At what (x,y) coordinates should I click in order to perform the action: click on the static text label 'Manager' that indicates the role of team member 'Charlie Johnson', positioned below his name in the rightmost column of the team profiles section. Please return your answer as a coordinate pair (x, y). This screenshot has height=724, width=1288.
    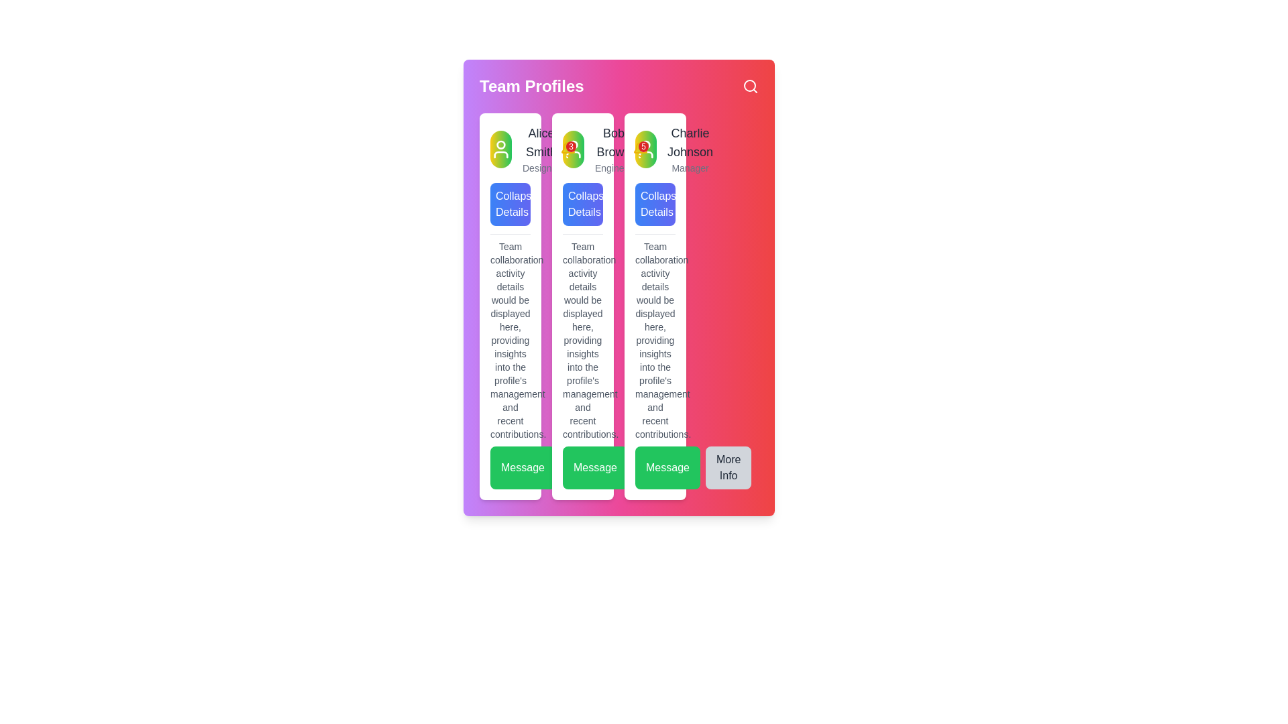
    Looking at the image, I should click on (690, 167).